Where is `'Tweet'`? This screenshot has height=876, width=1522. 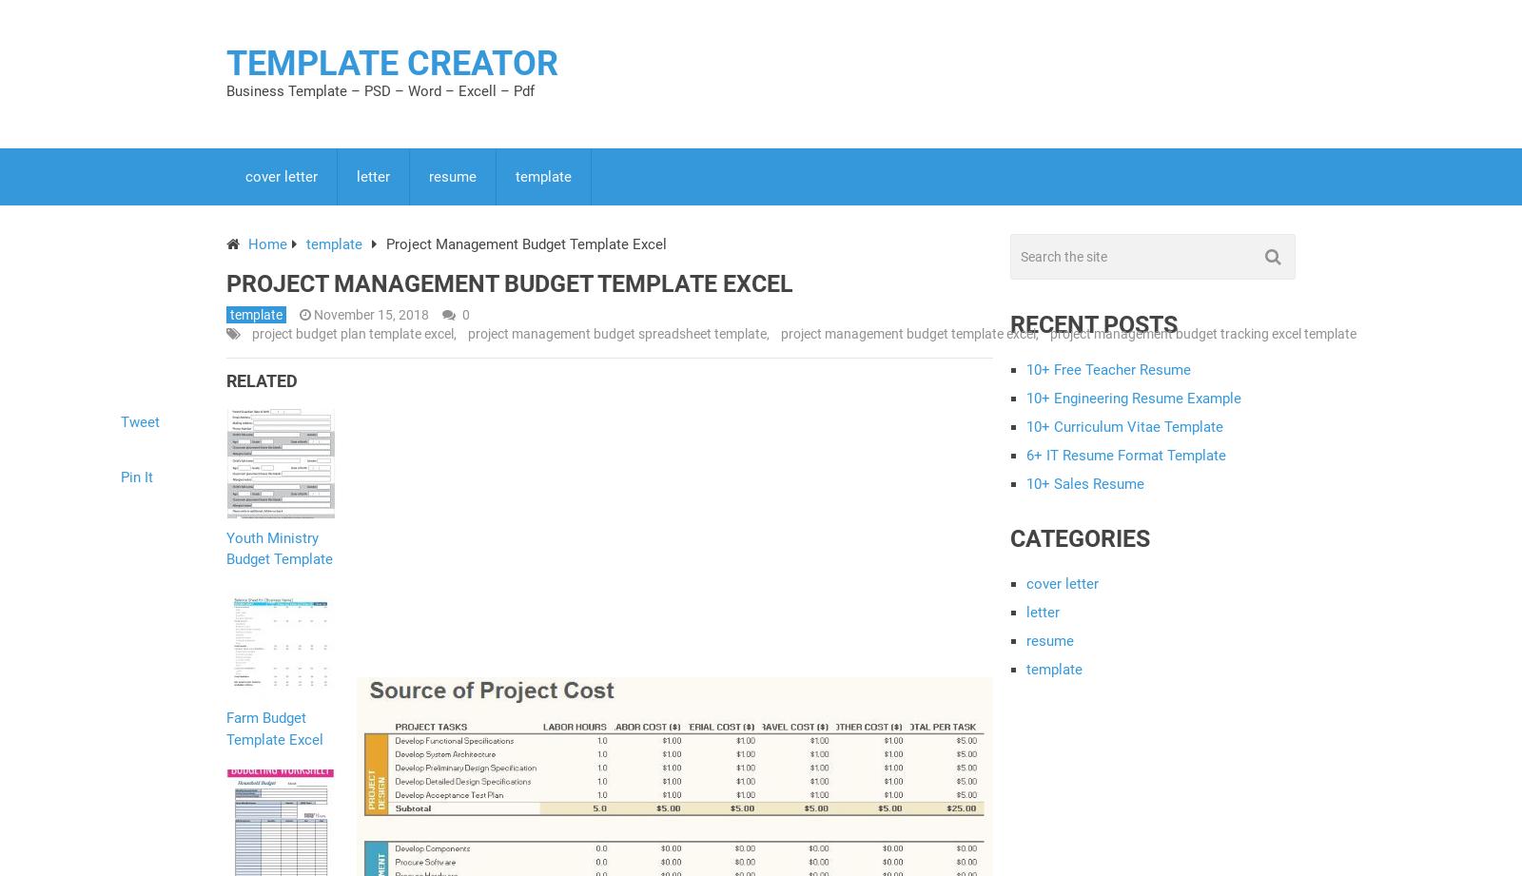 'Tweet' is located at coordinates (139, 422).